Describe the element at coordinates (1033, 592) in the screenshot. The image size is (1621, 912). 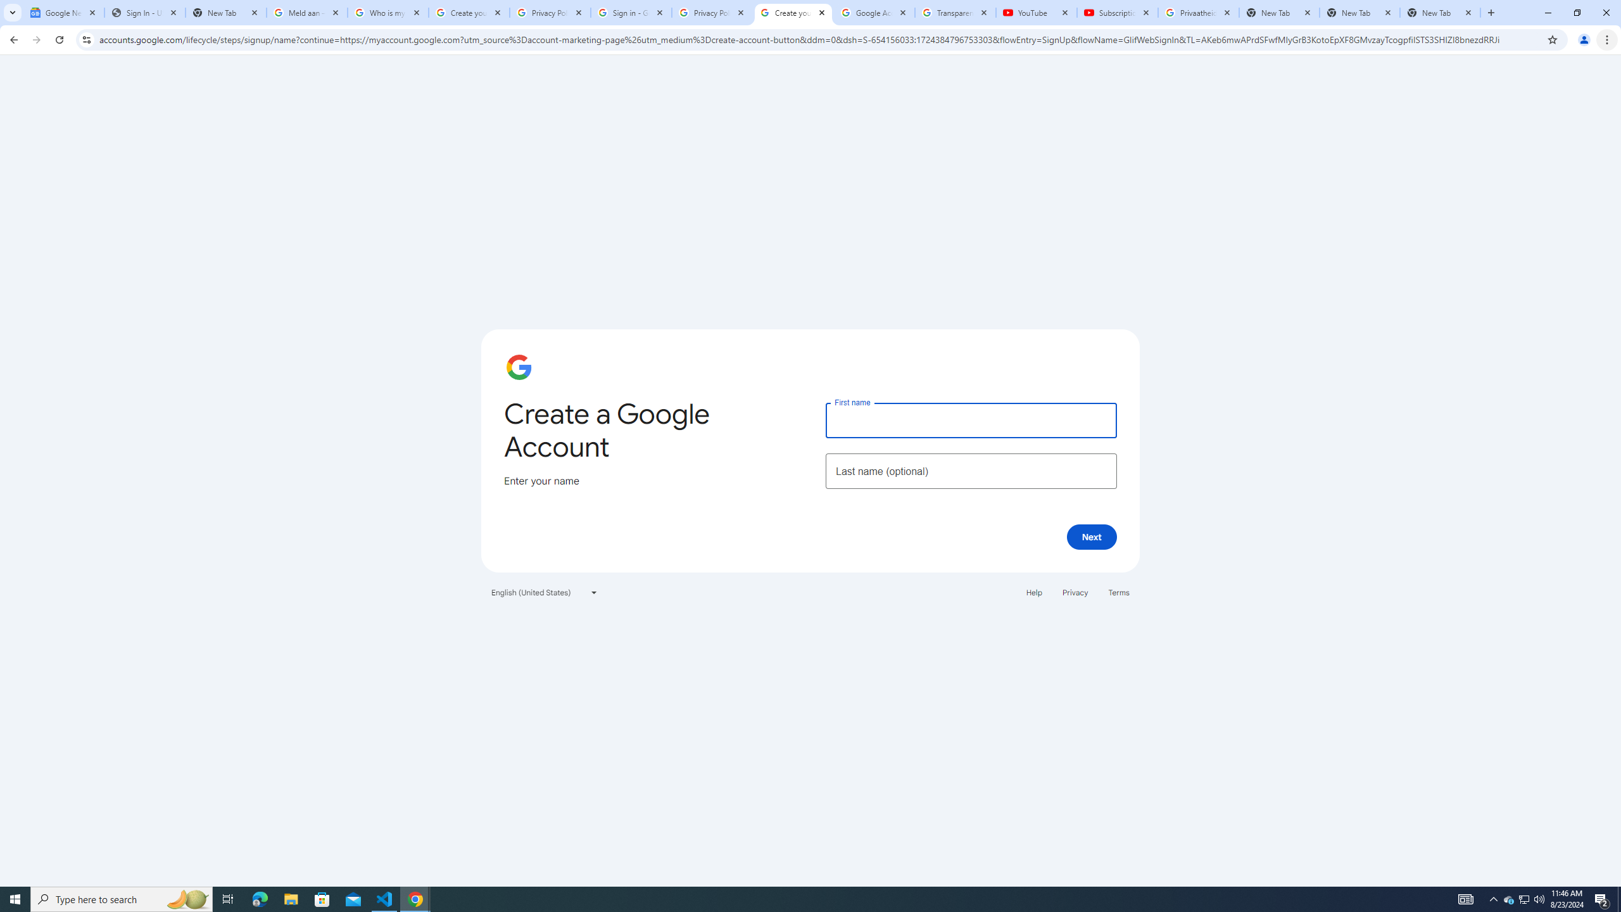
I see `'Help'` at that location.